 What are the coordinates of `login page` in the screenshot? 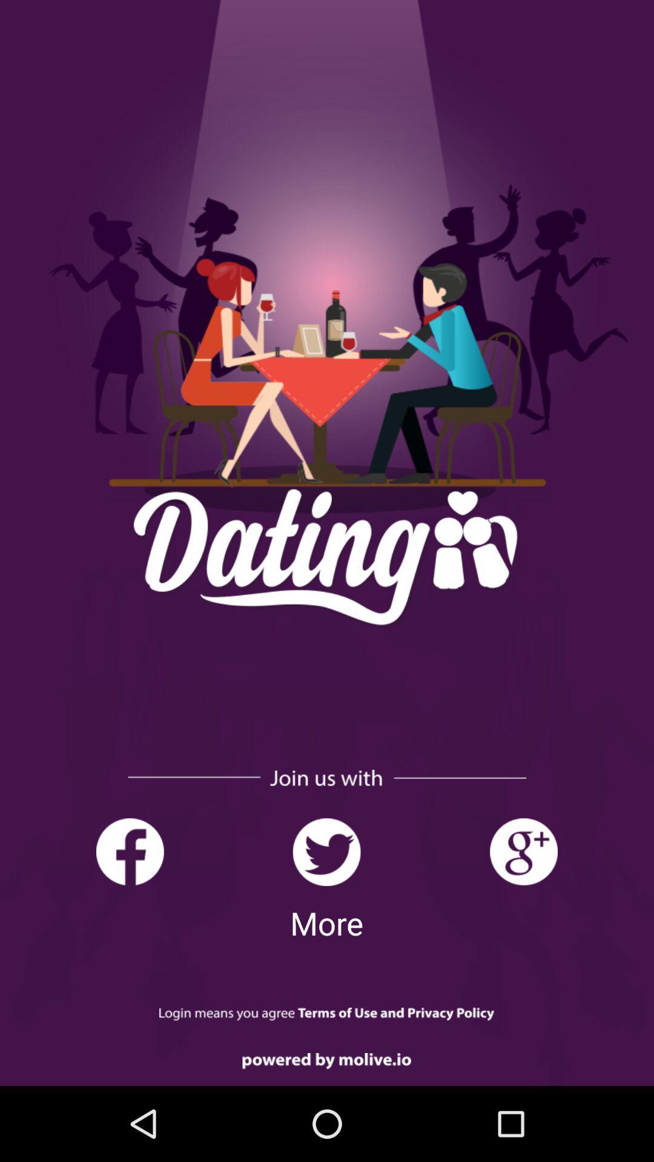 It's located at (326, 1014).